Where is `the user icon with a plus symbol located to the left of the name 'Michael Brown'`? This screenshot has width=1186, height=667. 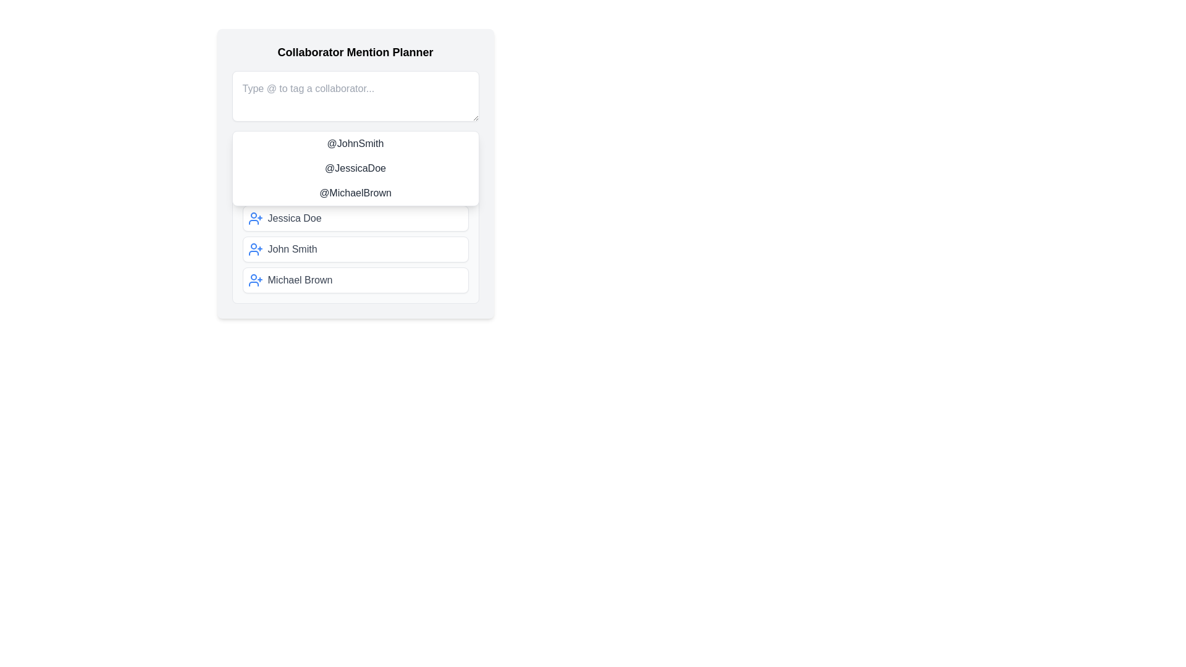 the user icon with a plus symbol located to the left of the name 'Michael Brown' is located at coordinates (254, 280).